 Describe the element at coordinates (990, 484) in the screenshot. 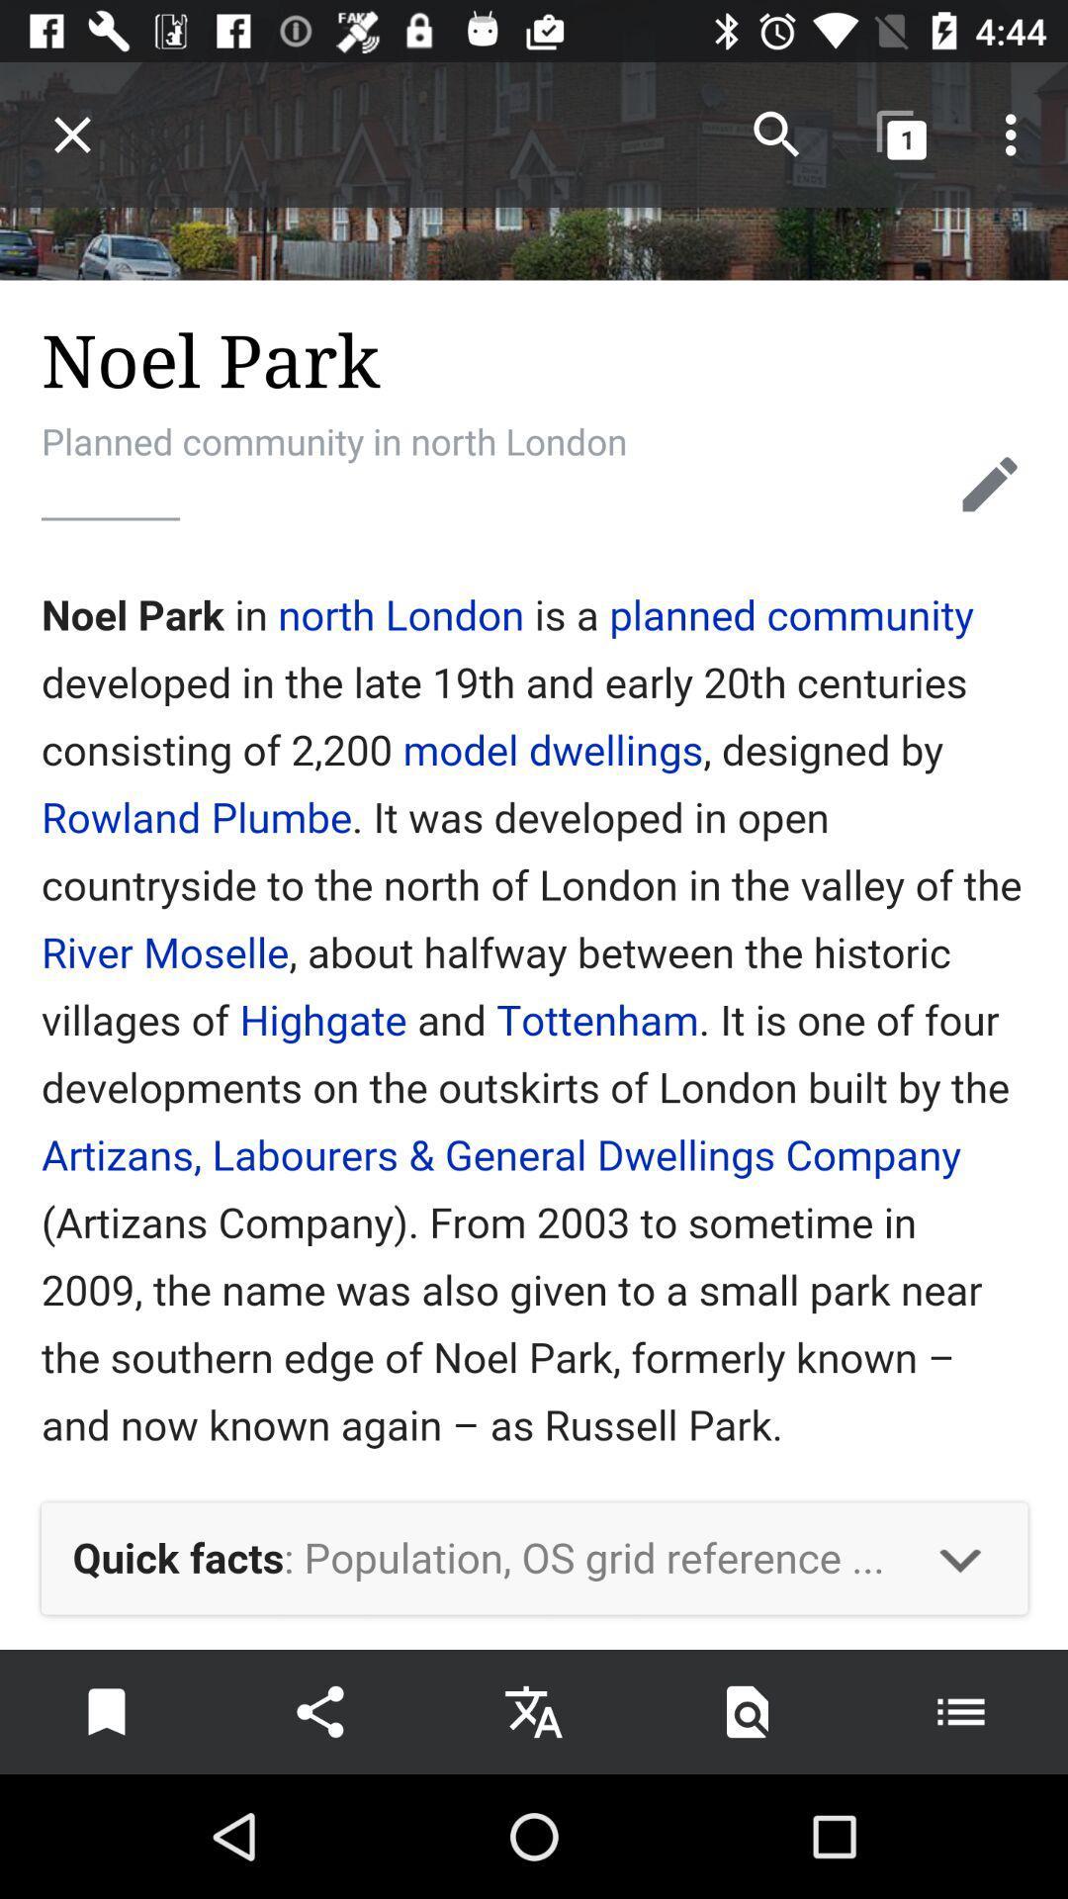

I see `the edit icon` at that location.